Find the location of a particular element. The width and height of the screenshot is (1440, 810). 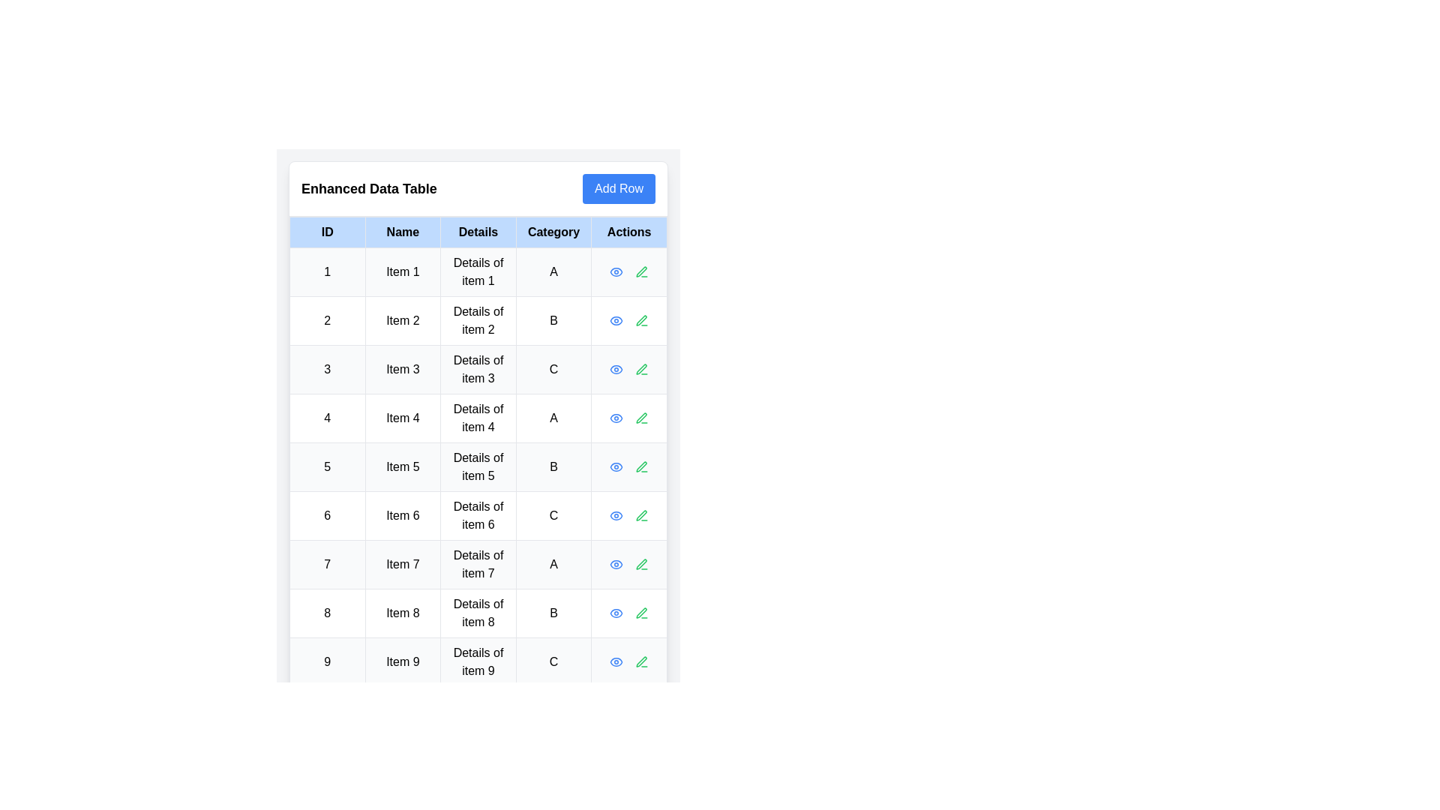

the table cell is located at coordinates (326, 320).